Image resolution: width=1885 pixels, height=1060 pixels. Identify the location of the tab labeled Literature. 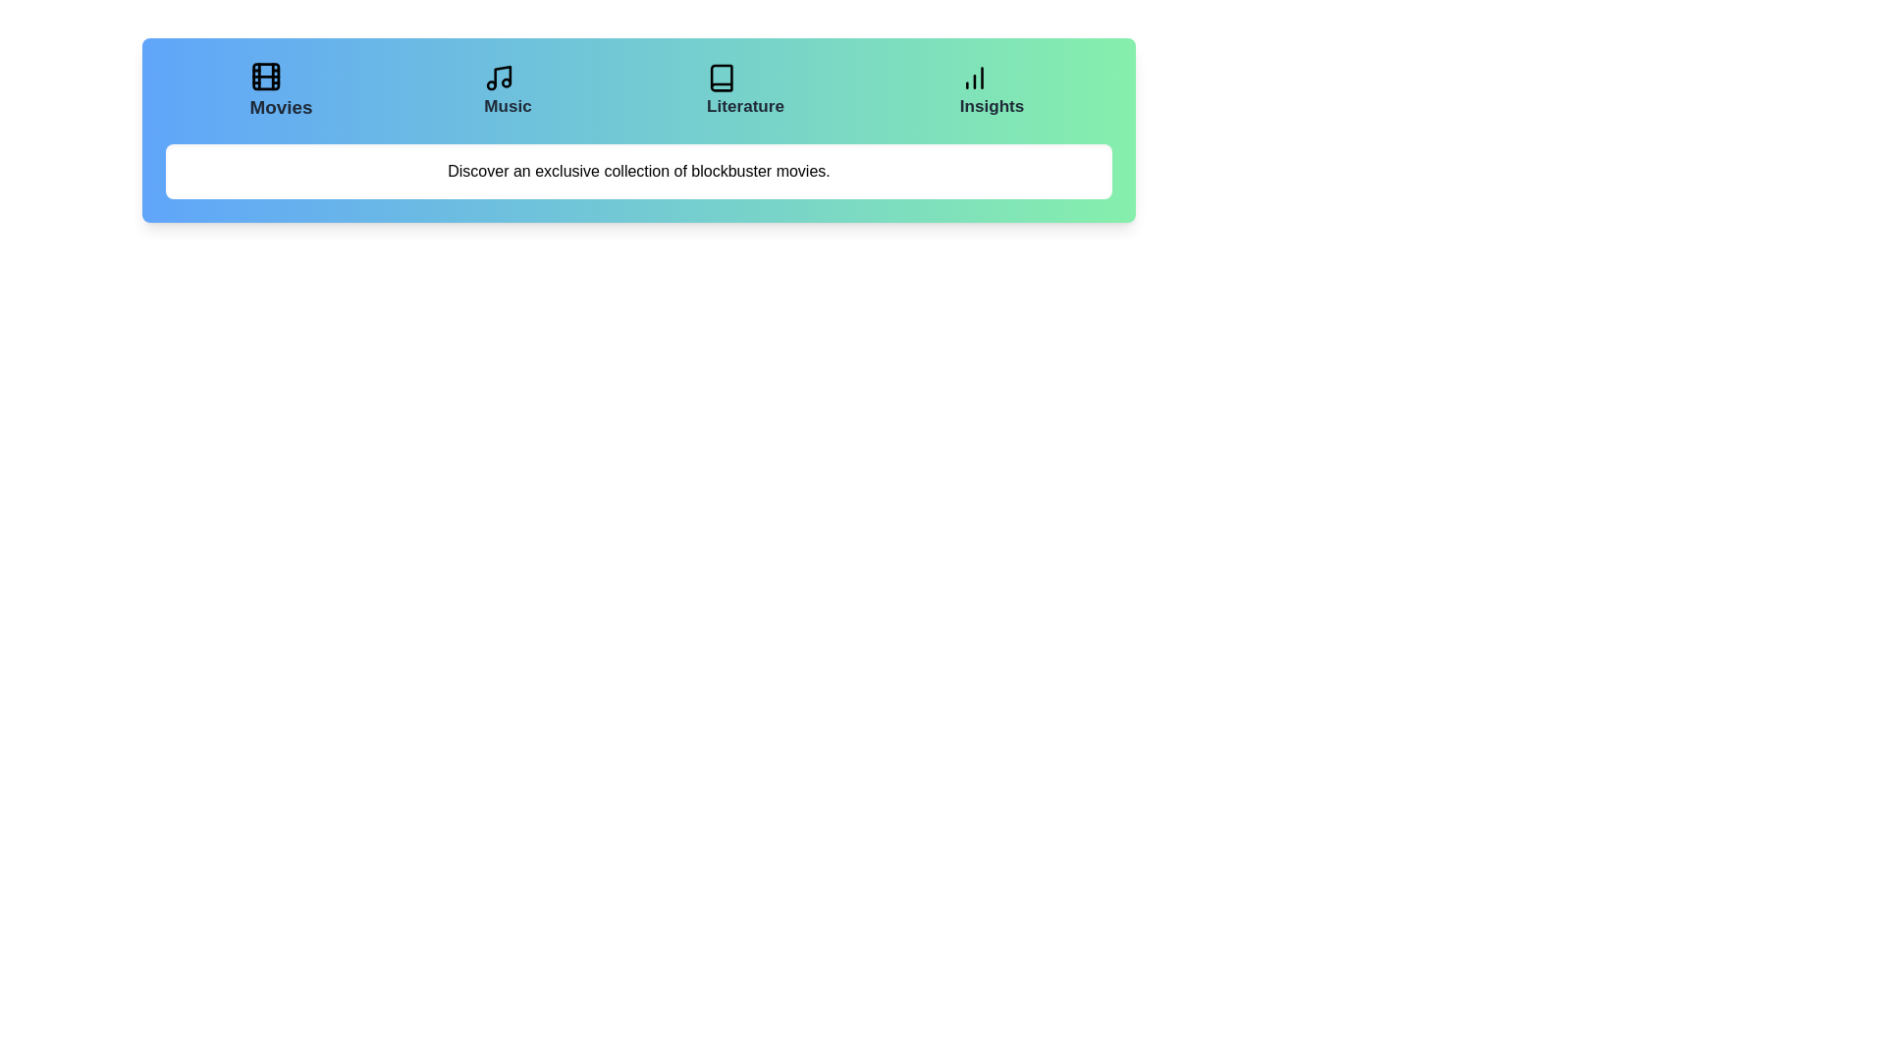
(744, 90).